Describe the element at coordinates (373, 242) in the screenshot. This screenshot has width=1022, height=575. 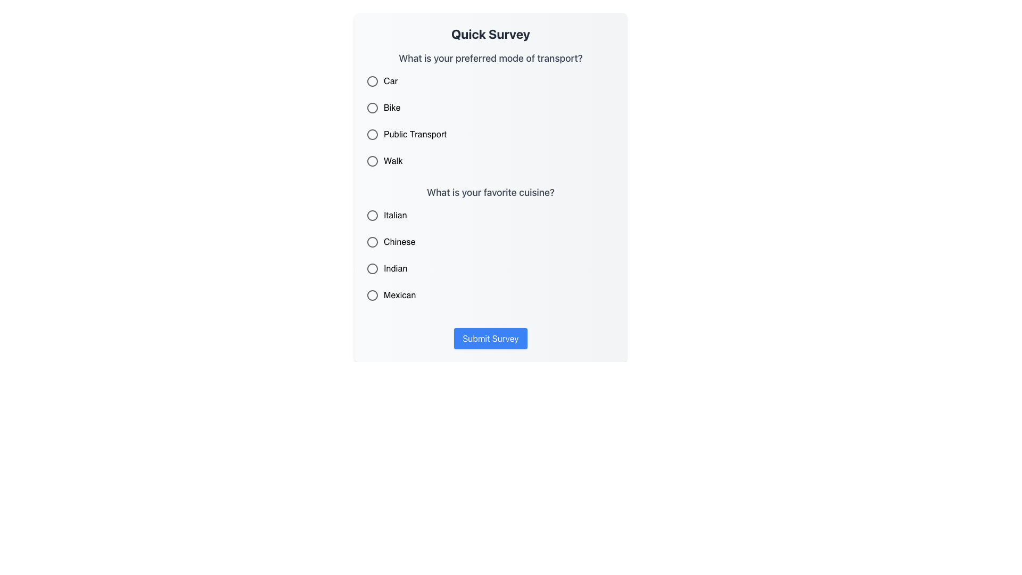
I see `the unchecked radio button located to the left of the label 'Chinese'` at that location.